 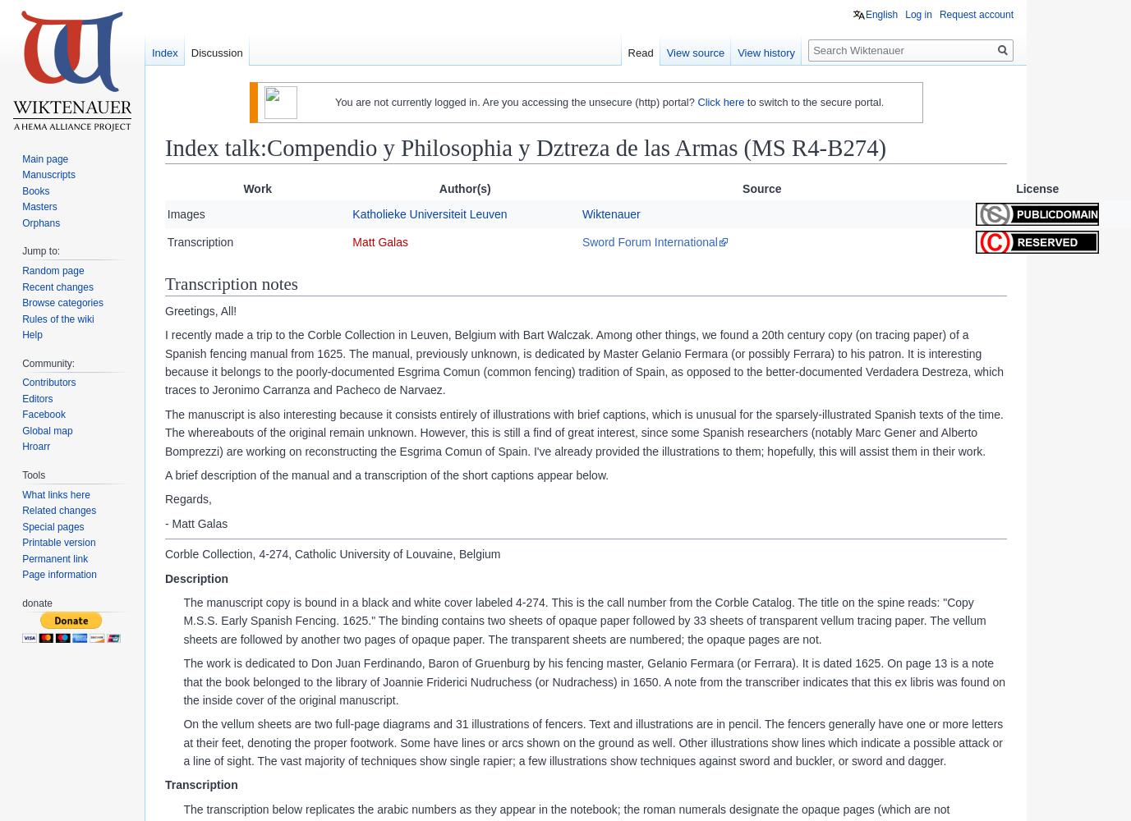 I want to click on 'Greetings, All!', so click(x=200, y=310).